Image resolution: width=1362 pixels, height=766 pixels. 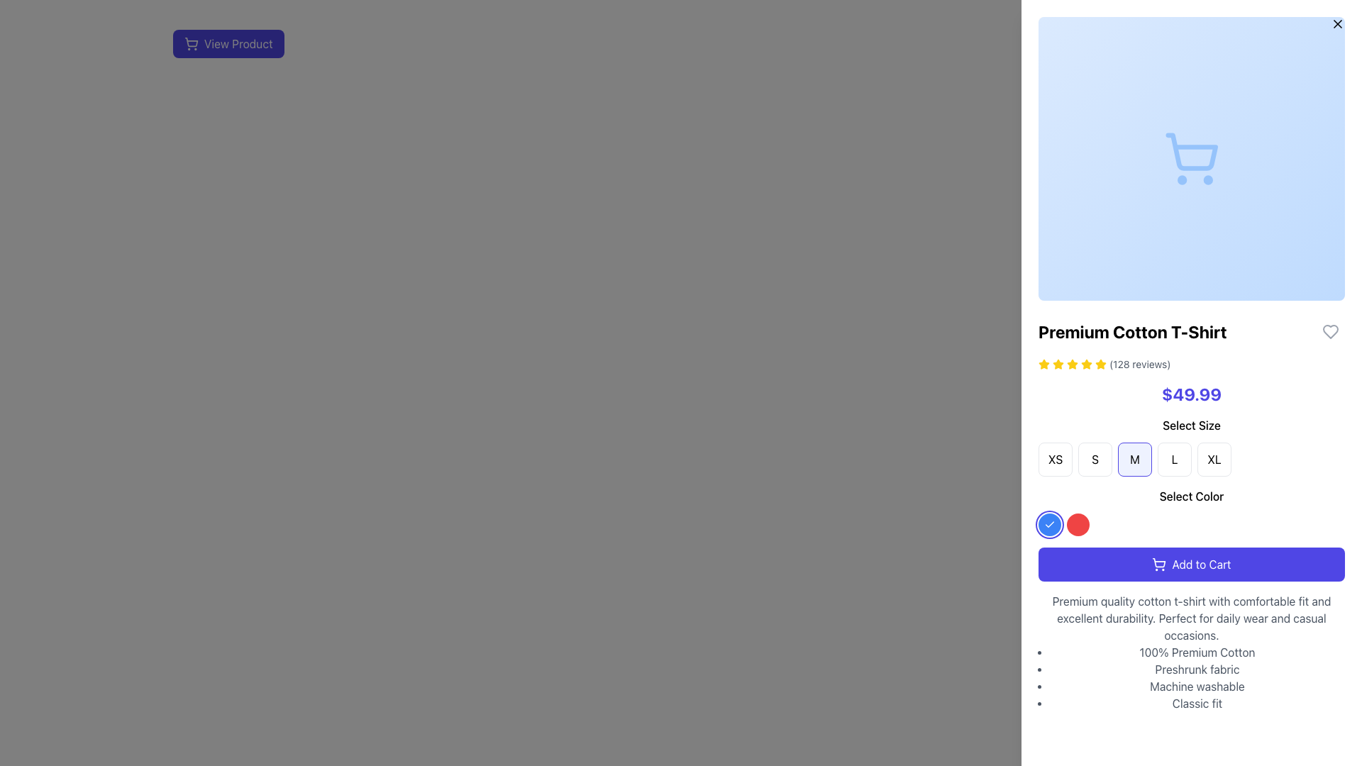 I want to click on product title 'Premium Cotton T-Shirt' from the Product title section with an interactive heart icon located at the top-right of the product details section, so click(x=1192, y=331).